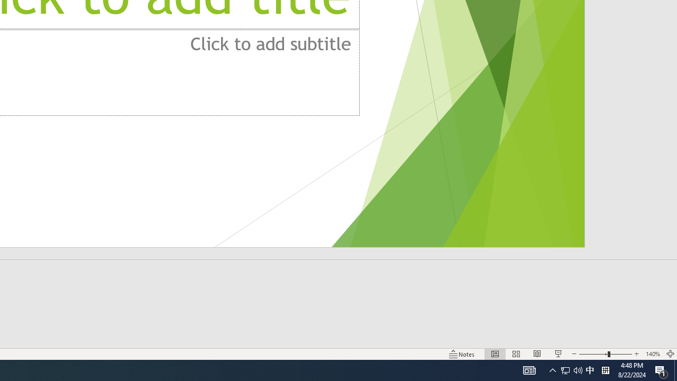  What do you see at coordinates (652, 354) in the screenshot?
I see `'Zoom 140%'` at bounding box center [652, 354].